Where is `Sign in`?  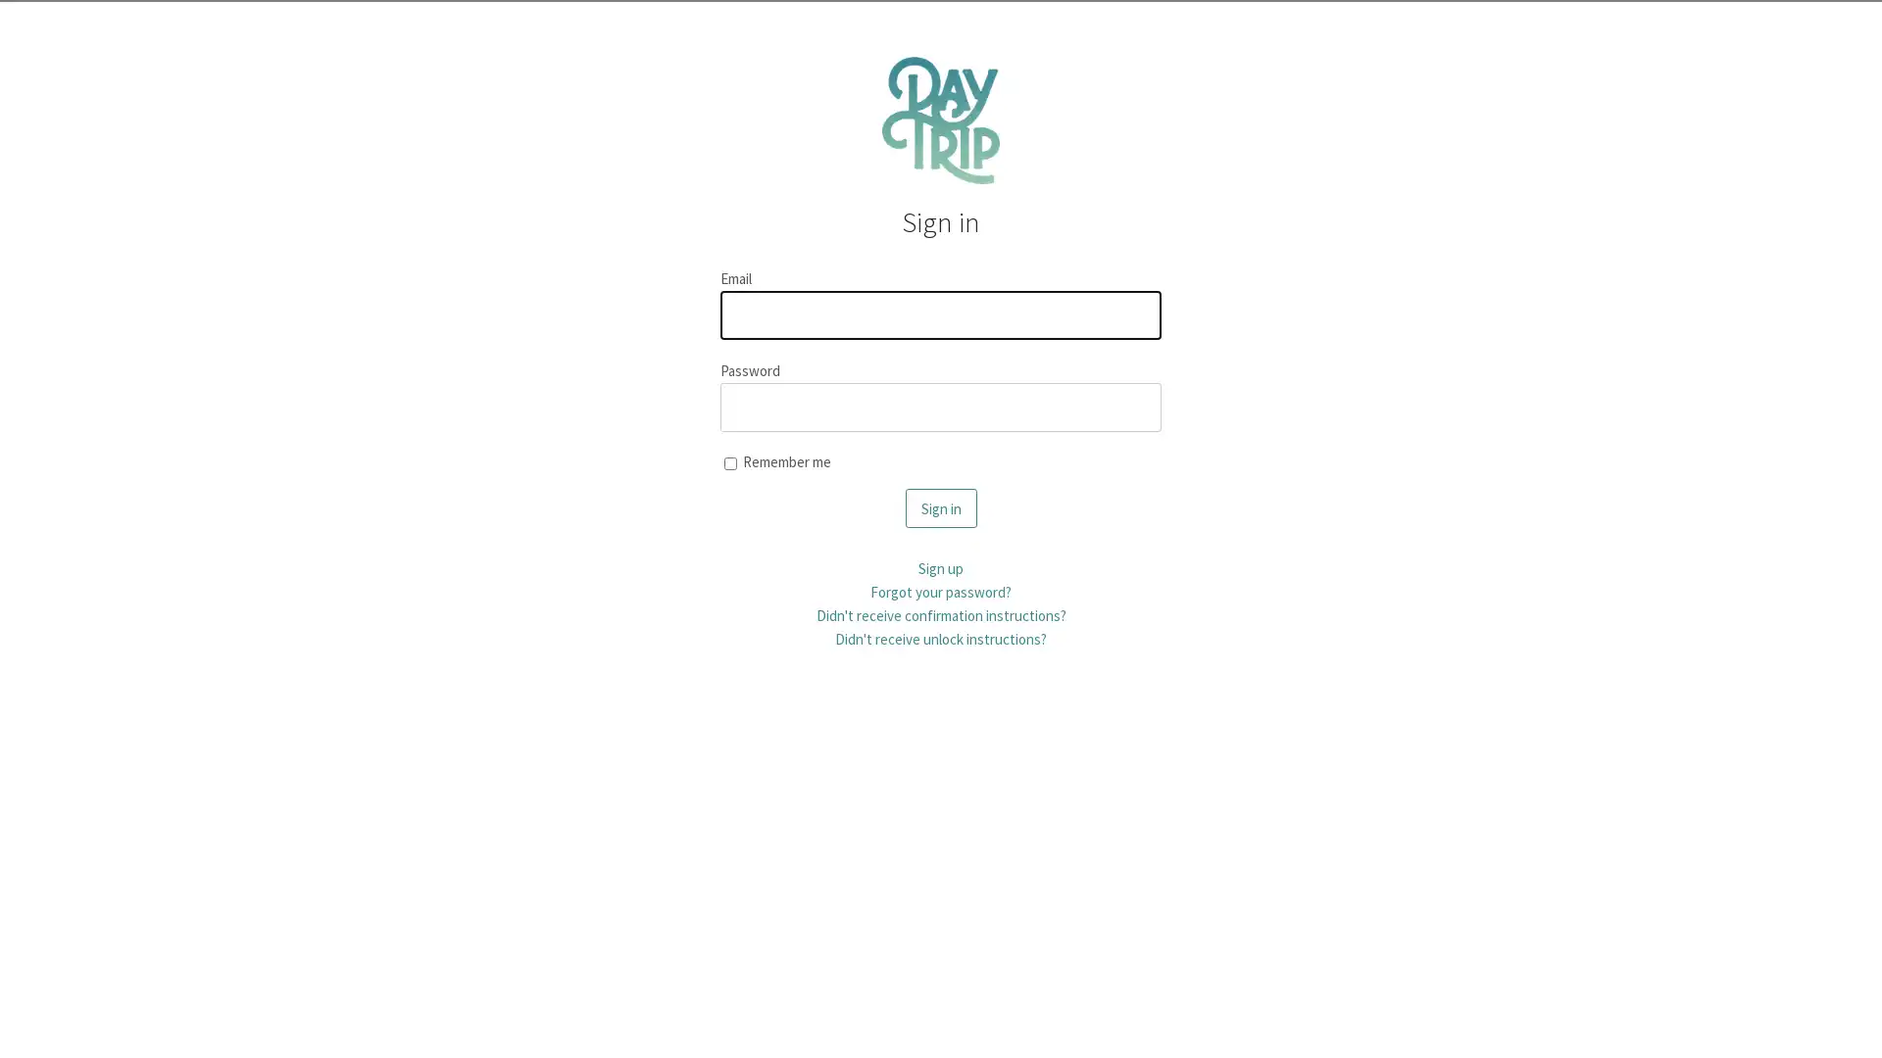
Sign in is located at coordinates (939, 506).